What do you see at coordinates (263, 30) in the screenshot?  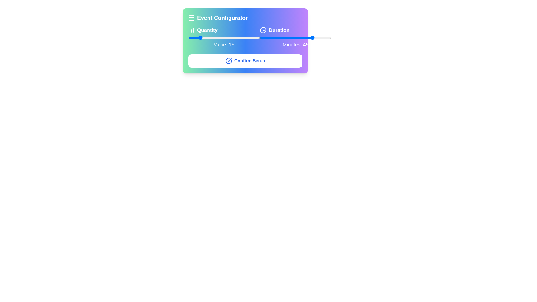 I see `the icon that indicates the duration field in the Event Configurator layout, located directly to the left of the 'Duration' label` at bounding box center [263, 30].